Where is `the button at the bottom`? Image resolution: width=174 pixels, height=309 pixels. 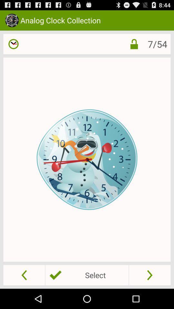 the button at the bottom is located at coordinates (87, 275).